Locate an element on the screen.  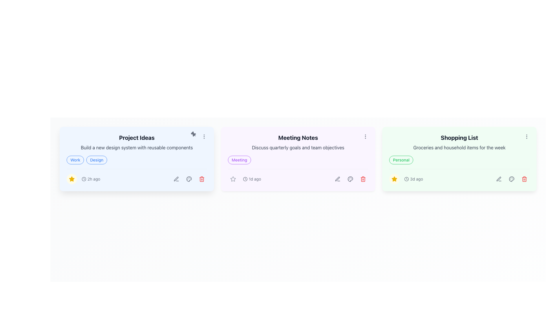
the decorative Circular SVG element that is part of the clock icon located in the lower-left area of the 'Project Ideas' card is located at coordinates (83, 179).